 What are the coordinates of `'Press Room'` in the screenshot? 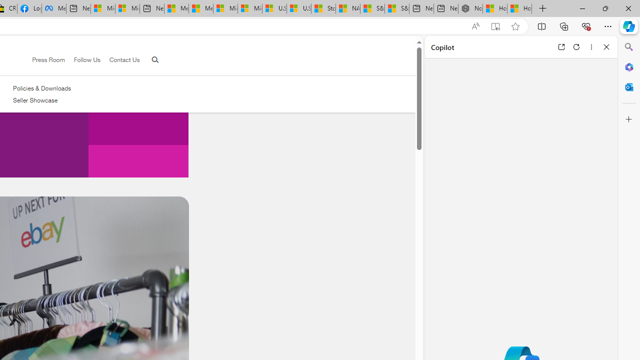 It's located at (43, 60).